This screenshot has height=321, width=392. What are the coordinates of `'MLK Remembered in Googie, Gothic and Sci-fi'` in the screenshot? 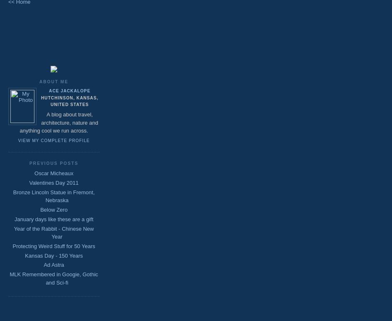 It's located at (53, 278).